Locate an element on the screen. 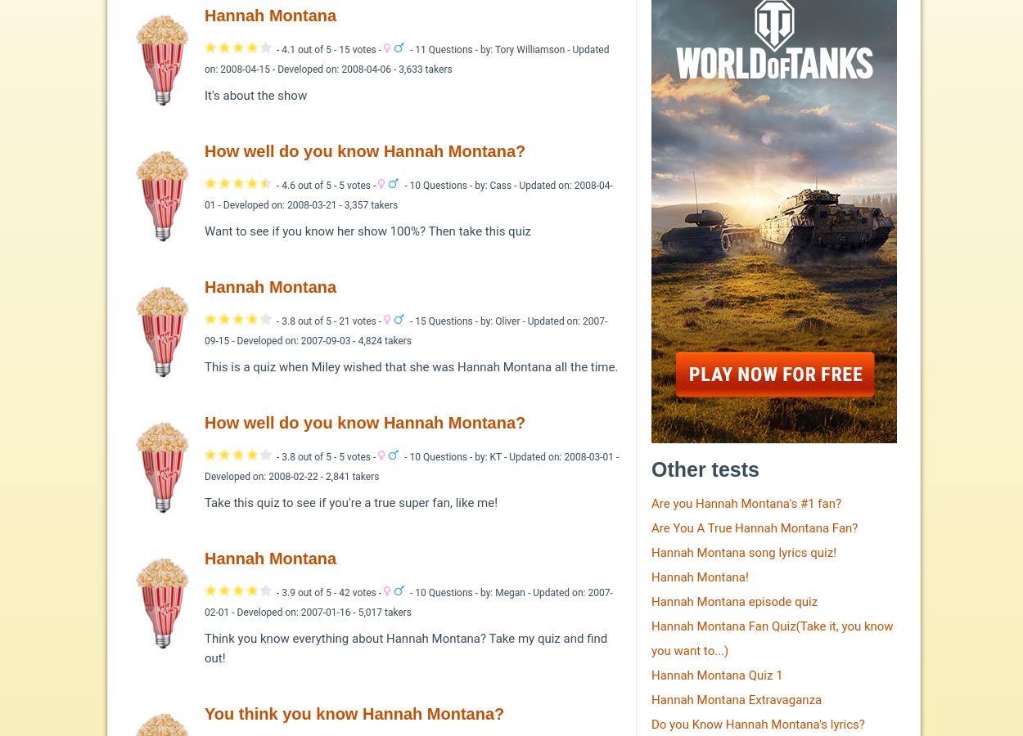 The height and width of the screenshot is (736, 1023). 'Hannah Montana Extravaganza' is located at coordinates (651, 699).